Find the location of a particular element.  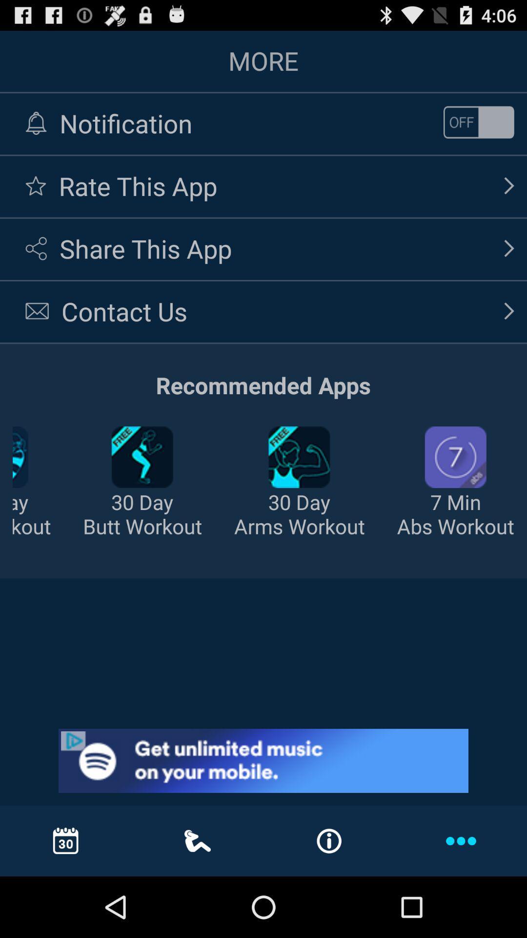

go off button is located at coordinates (478, 122).